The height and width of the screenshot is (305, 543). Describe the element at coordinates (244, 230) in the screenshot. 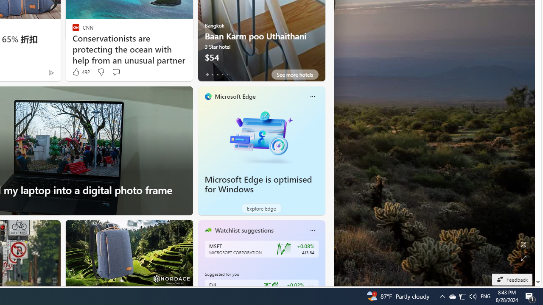

I see `'Watchlist suggestions'` at that location.